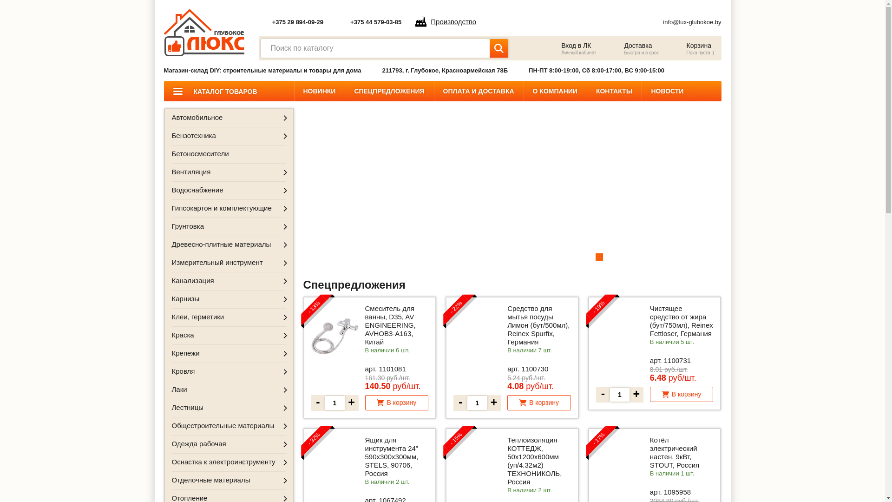  I want to click on '+375 29 894-09-29', so click(298, 21).